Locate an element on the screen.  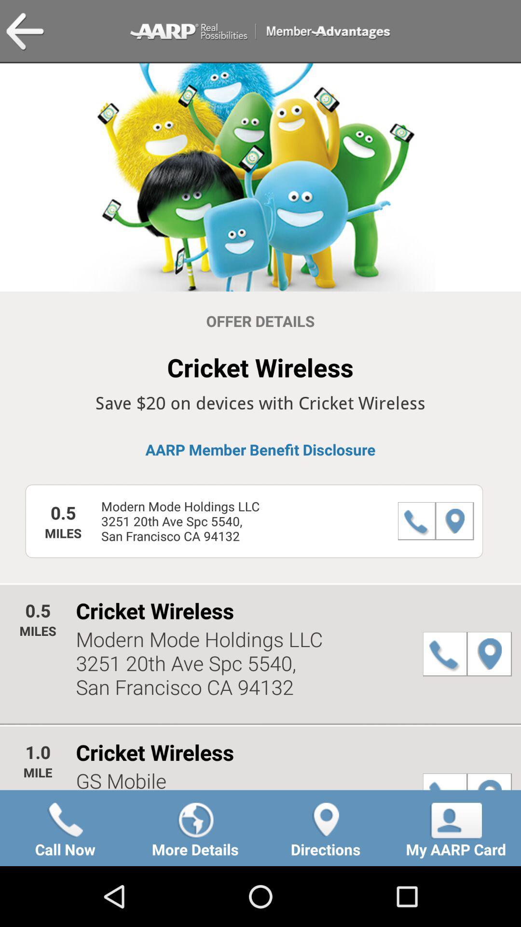
the aarp member benefit button is located at coordinates (260, 449).